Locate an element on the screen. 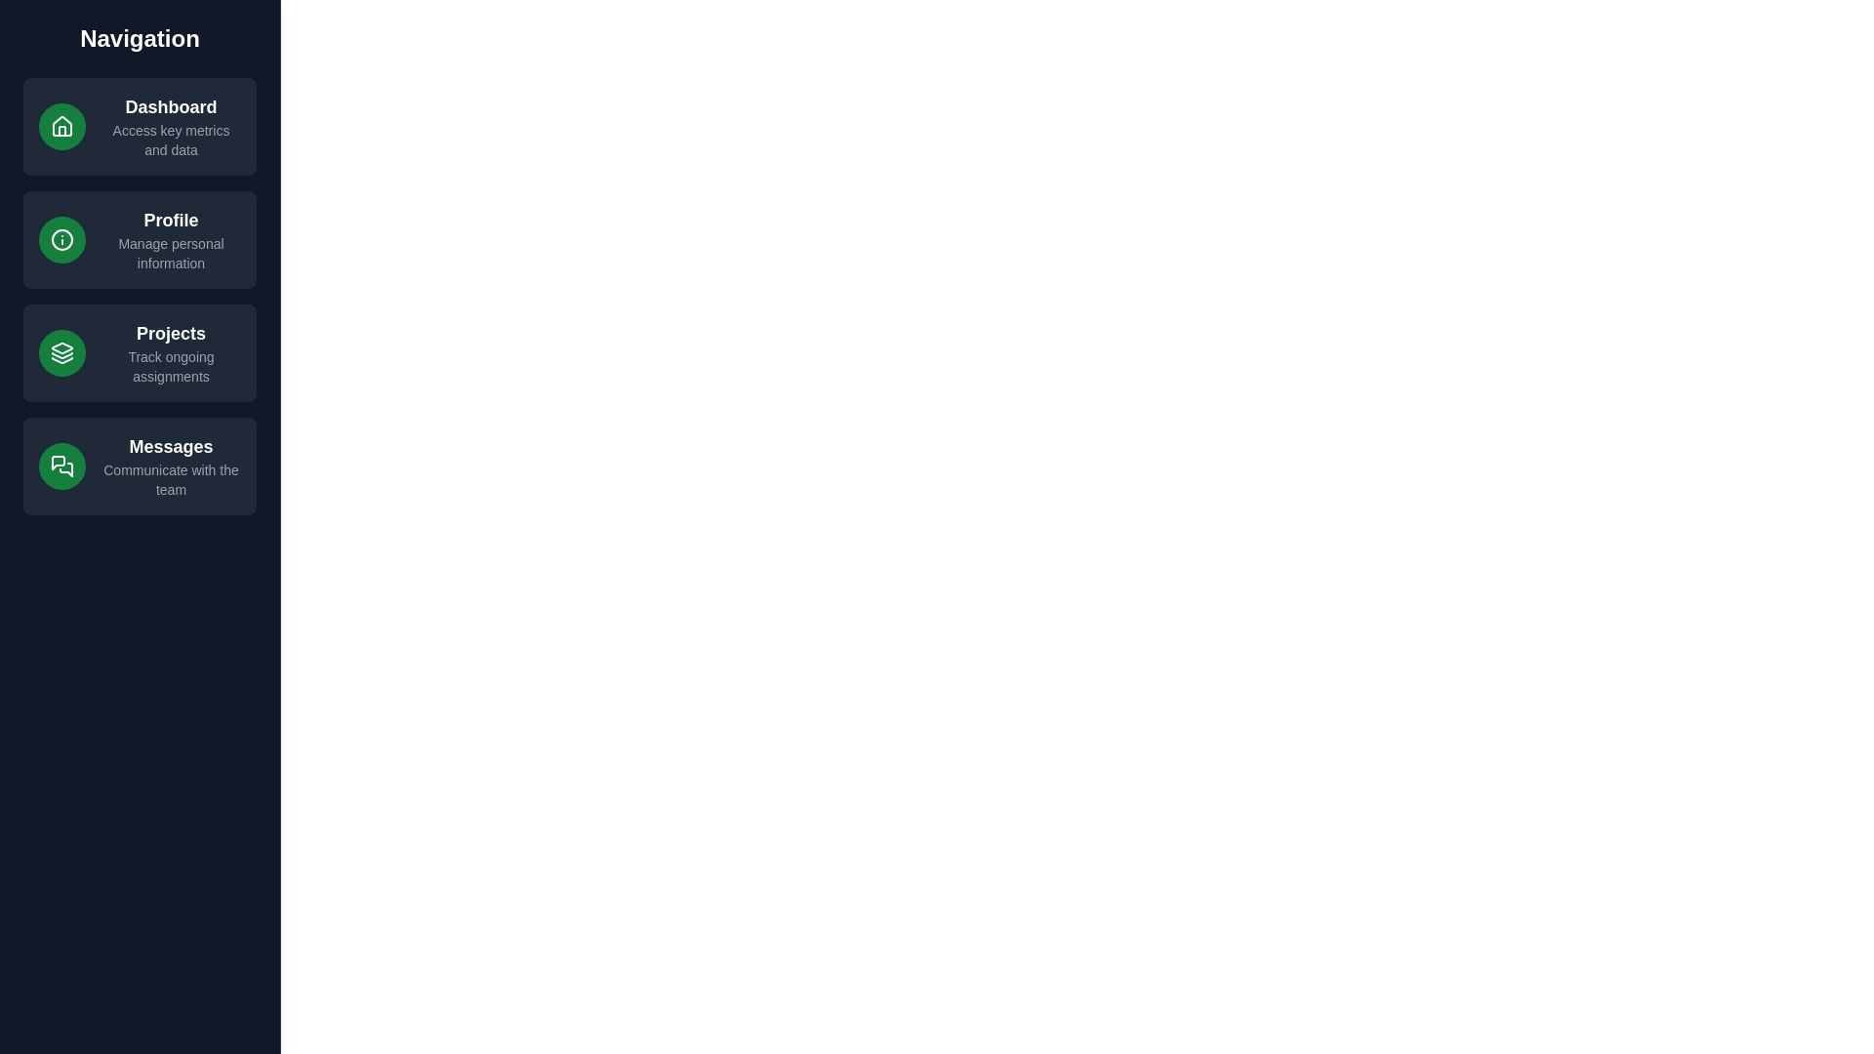 The image size is (1874, 1054). the navigation item Dashboard to observe hover effects is located at coordinates (139, 127).